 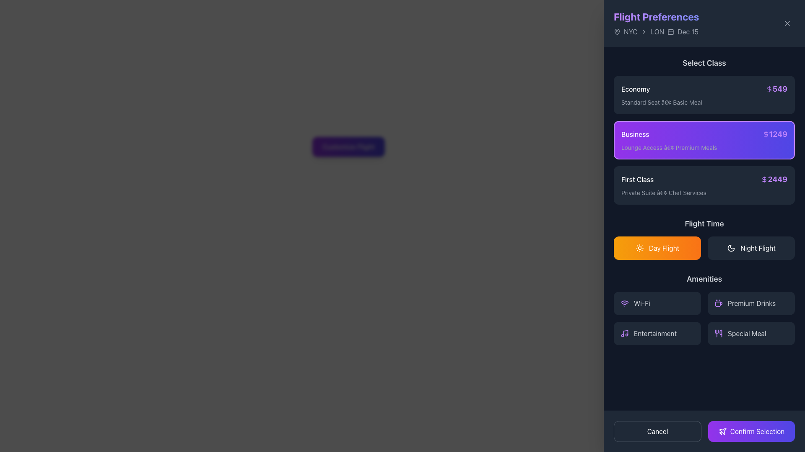 What do you see at coordinates (787, 23) in the screenshot?
I see `the Close Button Icon located at the top-right corner of the sidebar interface, adjacent to the title 'Flight Preferences'` at bounding box center [787, 23].